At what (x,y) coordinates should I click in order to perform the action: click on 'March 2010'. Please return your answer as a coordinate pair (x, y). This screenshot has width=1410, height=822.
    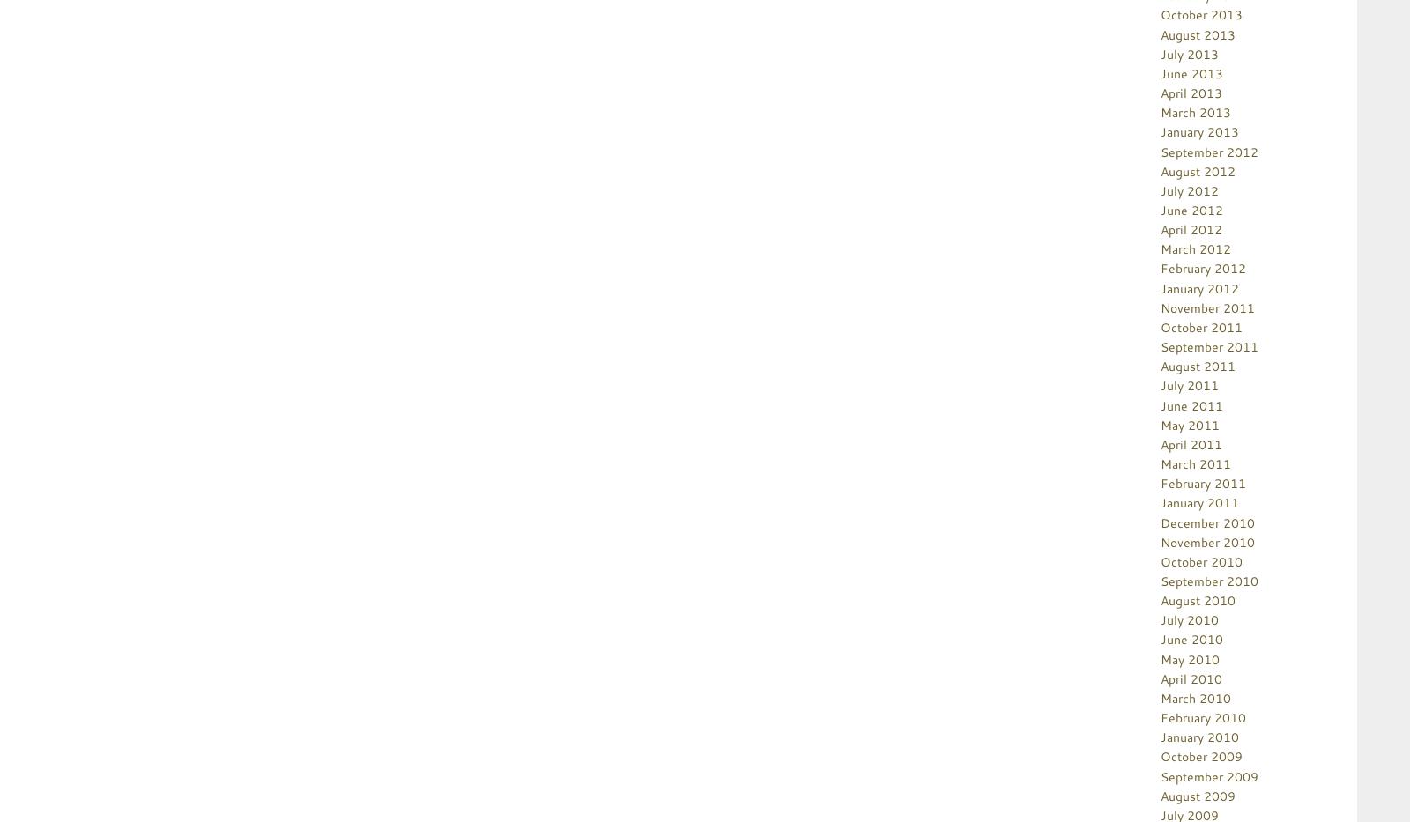
    Looking at the image, I should click on (1194, 697).